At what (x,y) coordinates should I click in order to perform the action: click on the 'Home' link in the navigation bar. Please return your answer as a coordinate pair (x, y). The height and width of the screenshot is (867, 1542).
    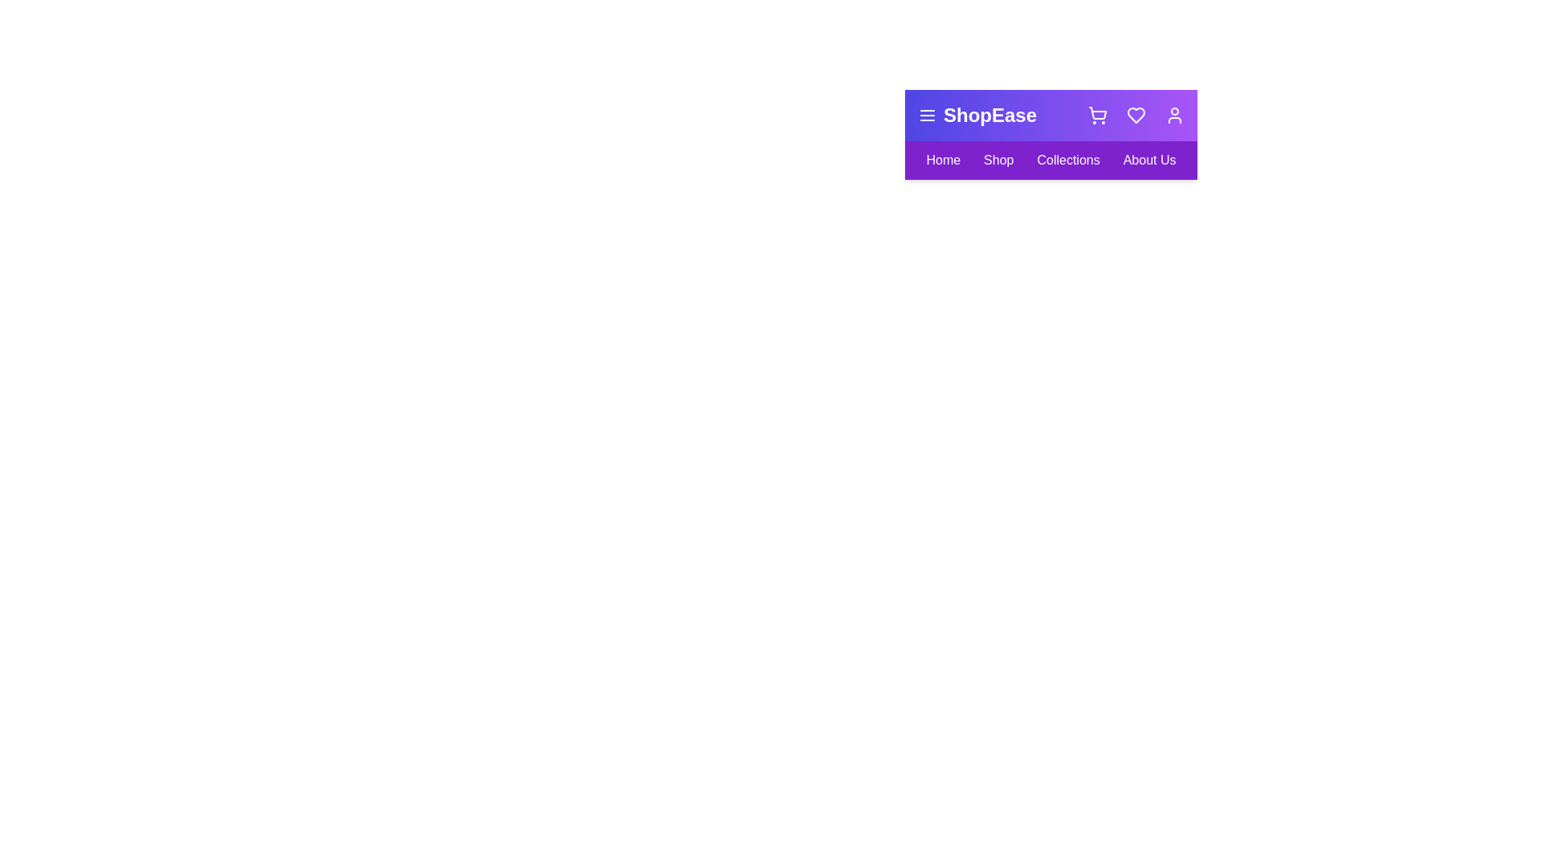
    Looking at the image, I should click on (943, 161).